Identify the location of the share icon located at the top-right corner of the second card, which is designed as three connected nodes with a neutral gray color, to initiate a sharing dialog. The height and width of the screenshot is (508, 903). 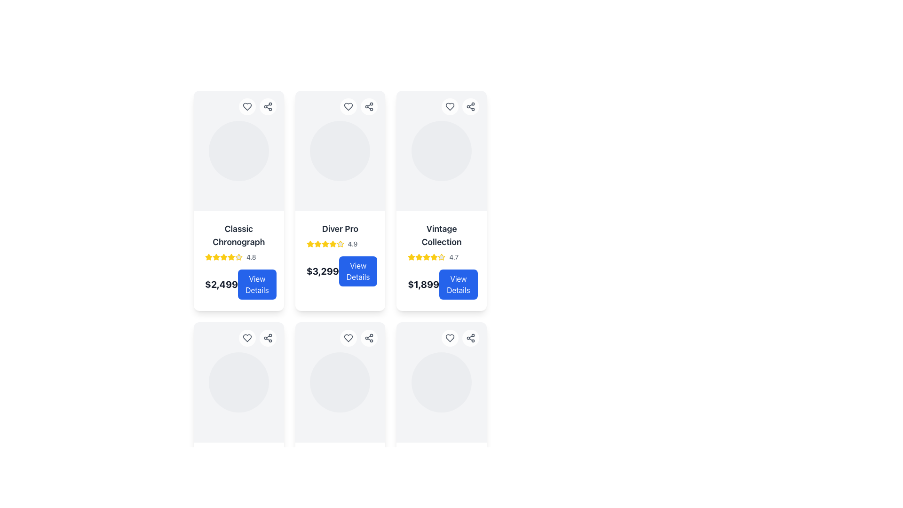
(369, 337).